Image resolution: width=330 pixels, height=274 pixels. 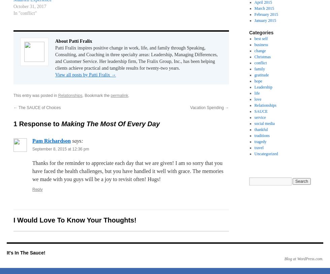 I want to click on 'says:', so click(x=77, y=140).